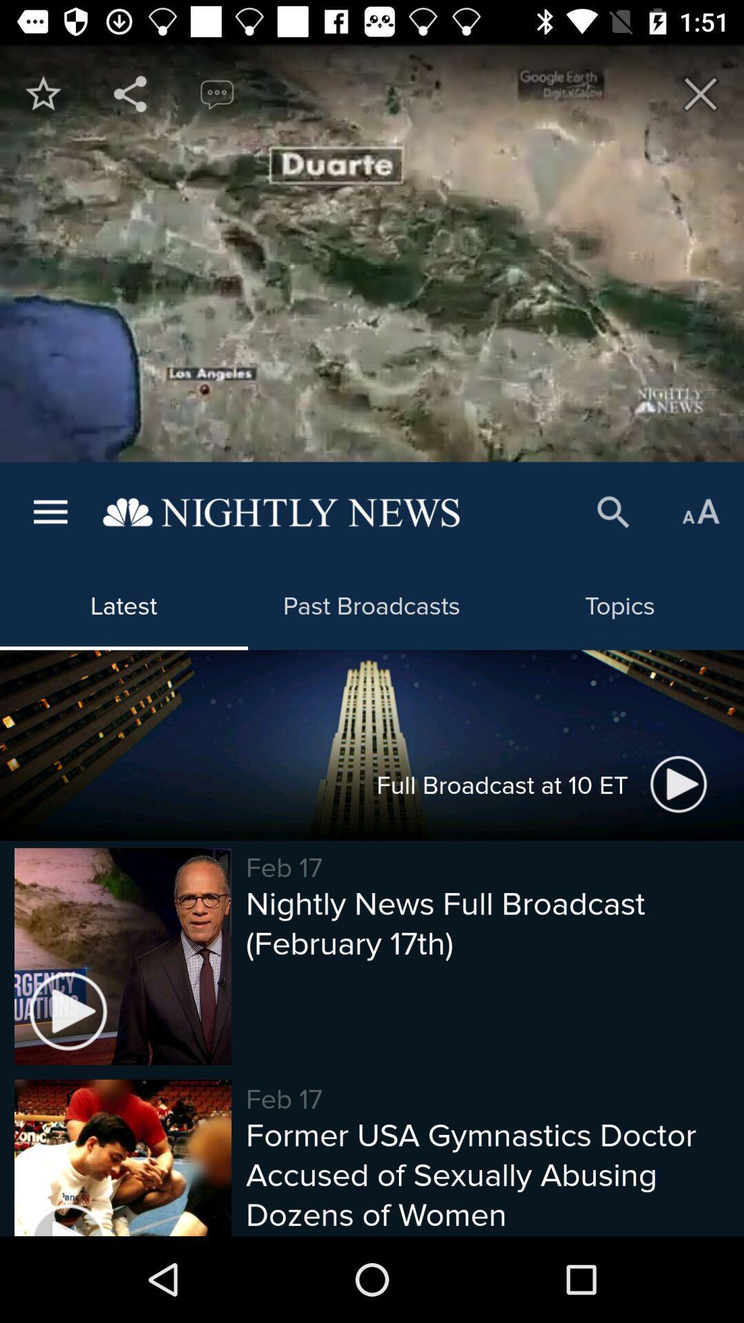  What do you see at coordinates (701, 93) in the screenshot?
I see `the page` at bounding box center [701, 93].